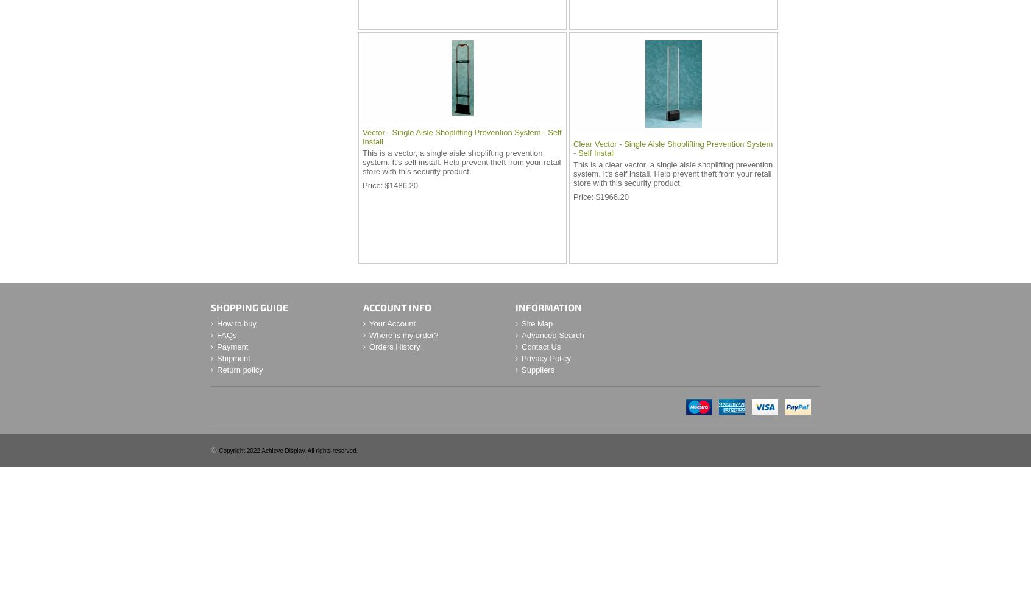  What do you see at coordinates (249, 307) in the screenshot?
I see `'Shopping Guide'` at bounding box center [249, 307].